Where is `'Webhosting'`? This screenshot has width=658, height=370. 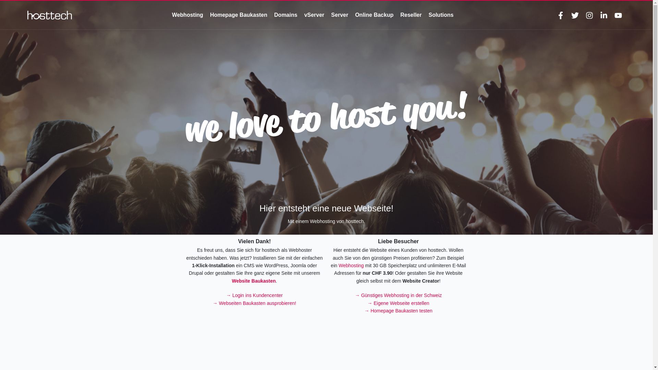
'Webhosting' is located at coordinates (351, 265).